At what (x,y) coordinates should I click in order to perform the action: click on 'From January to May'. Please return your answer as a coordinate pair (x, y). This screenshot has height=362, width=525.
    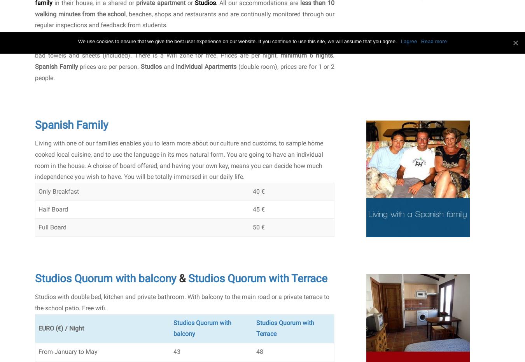
    Looking at the image, I should click on (68, 352).